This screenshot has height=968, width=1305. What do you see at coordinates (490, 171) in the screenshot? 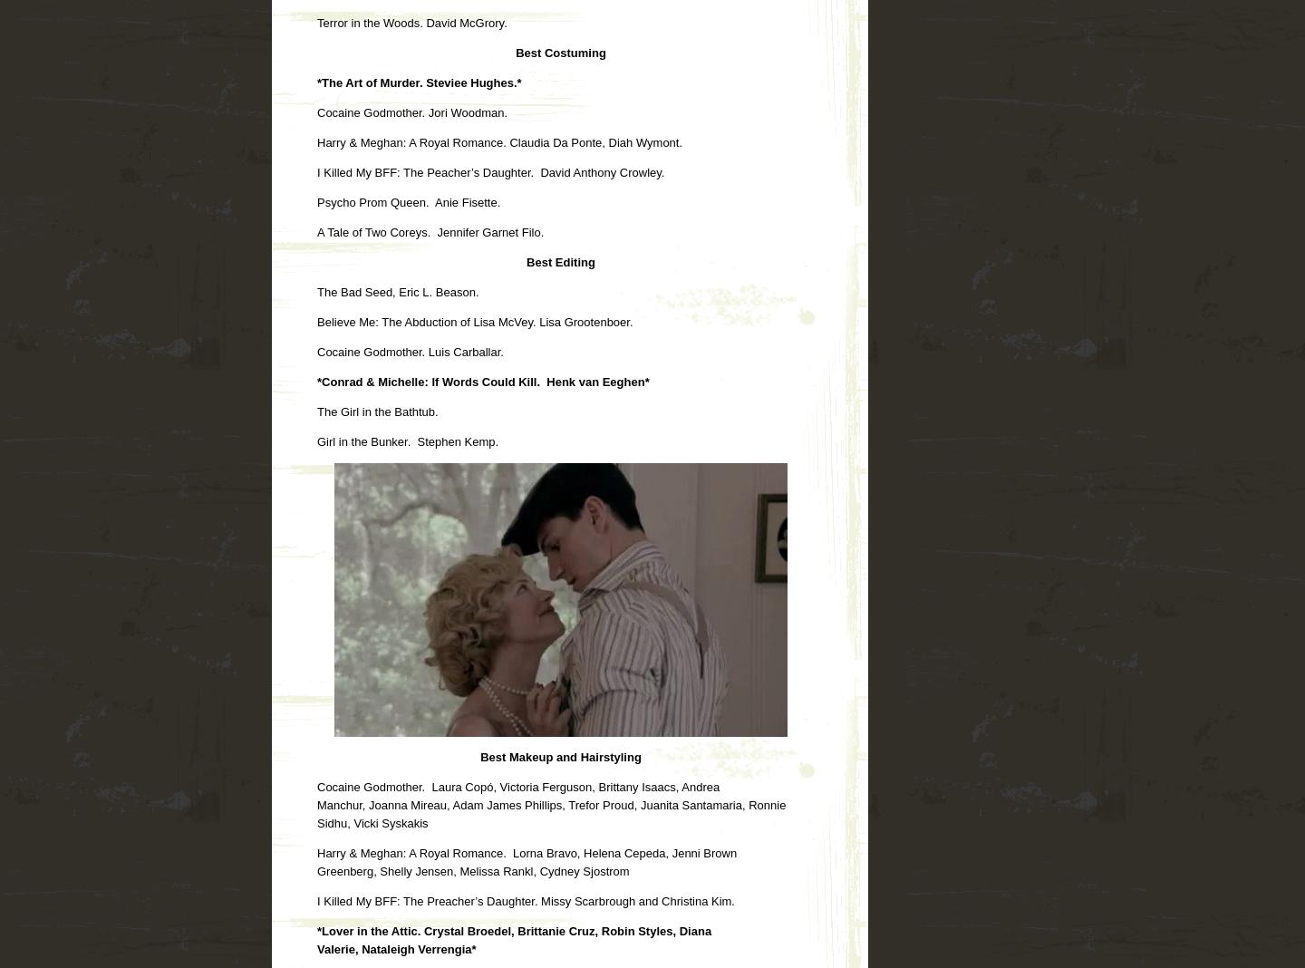
I see `'I Killed My BFF: The Peacher’s Daughter.  David Anthony Crowley.'` at bounding box center [490, 171].